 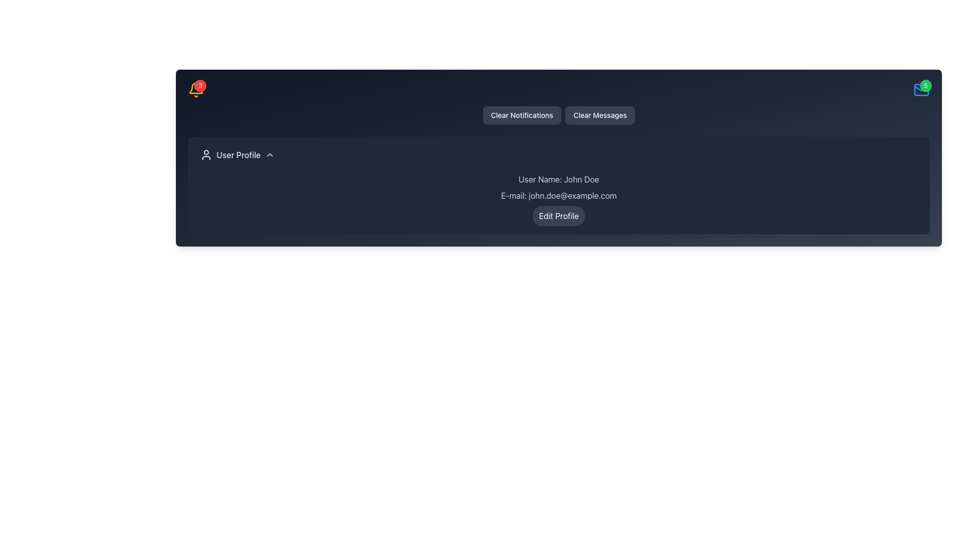 What do you see at coordinates (558, 215) in the screenshot?
I see `the 'Edit Profile' button with rounded corners, dark gray background, and white text to initiate profile editing` at bounding box center [558, 215].